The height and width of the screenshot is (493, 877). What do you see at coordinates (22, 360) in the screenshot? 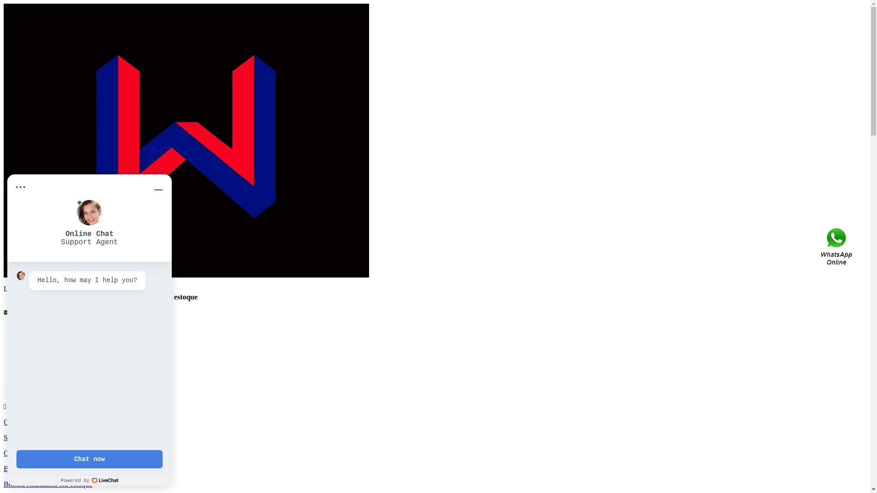
I see `'Controle Qualidade'` at bounding box center [22, 360].